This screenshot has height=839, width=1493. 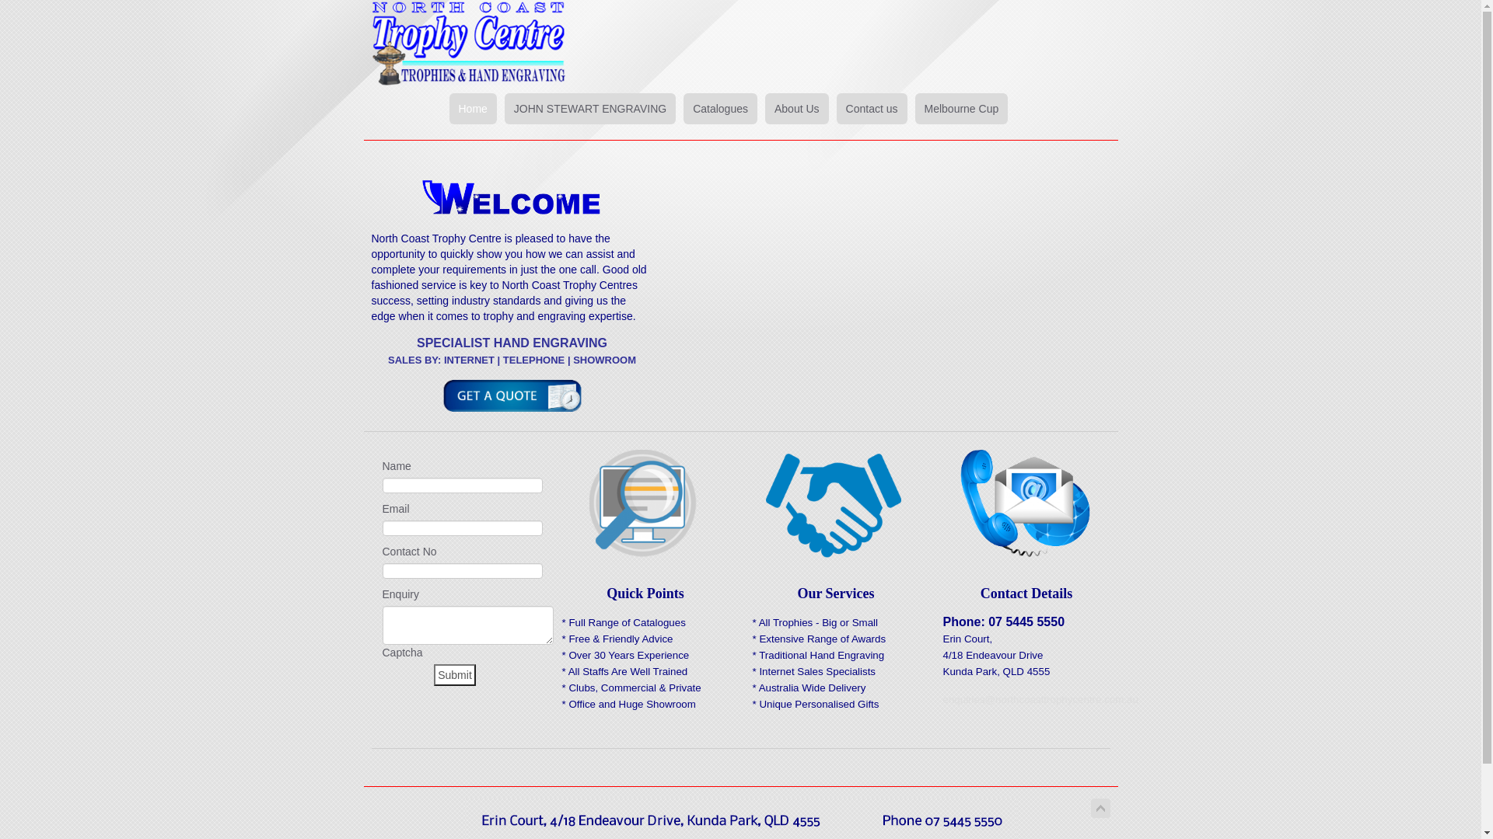 What do you see at coordinates (797, 107) in the screenshot?
I see `'About Us'` at bounding box center [797, 107].